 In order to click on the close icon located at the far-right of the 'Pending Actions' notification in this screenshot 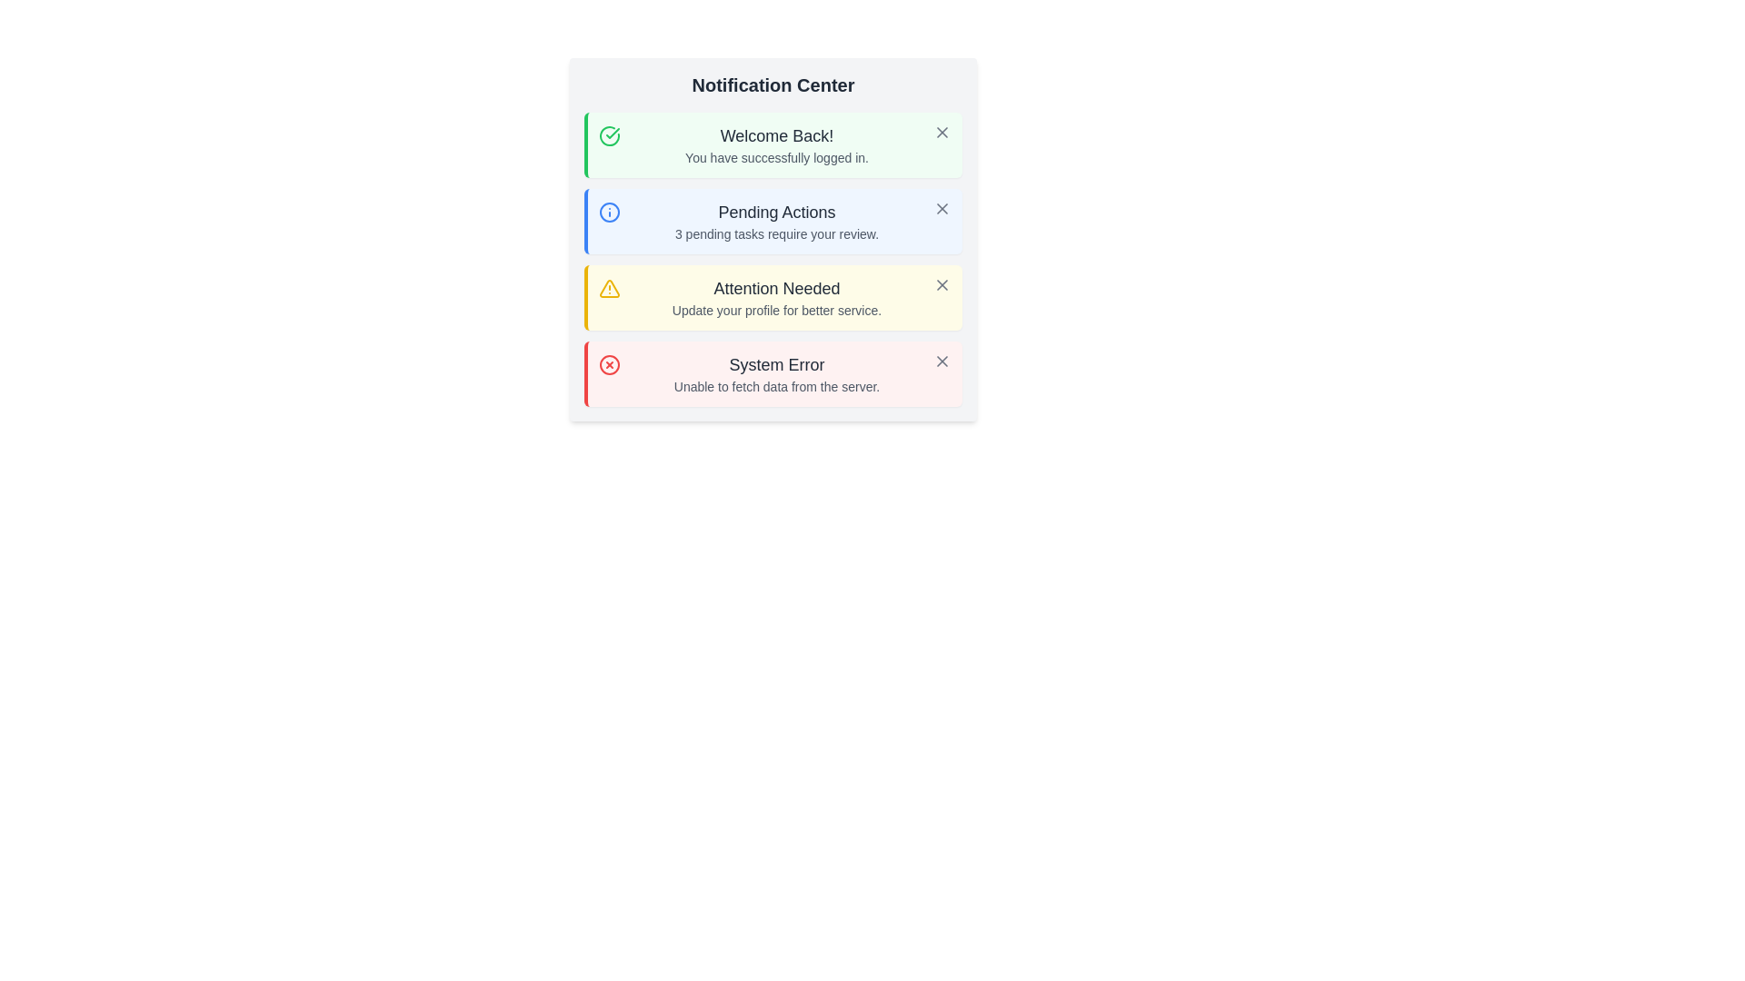, I will do `click(942, 208)`.